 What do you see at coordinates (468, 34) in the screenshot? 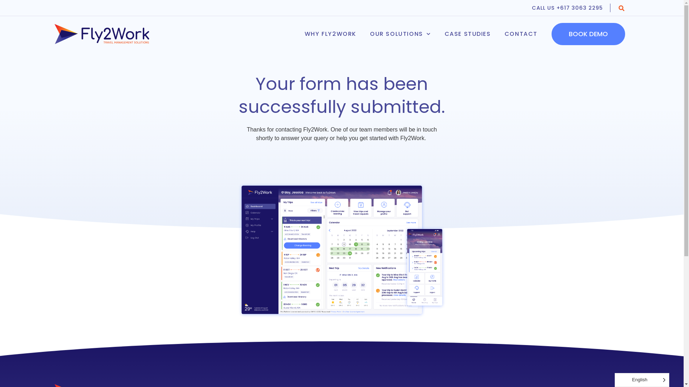
I see `'CASE STUDIES'` at bounding box center [468, 34].